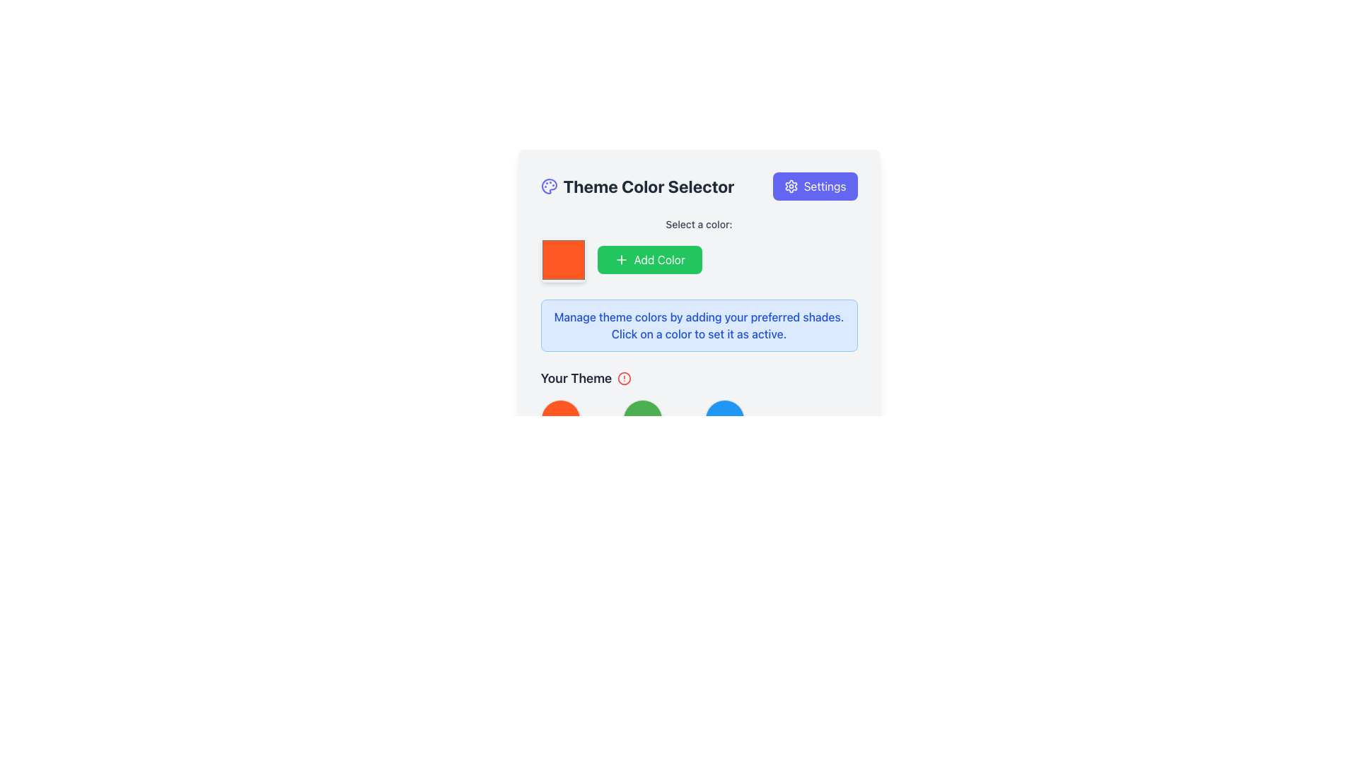 The image size is (1358, 763). Describe the element at coordinates (699, 259) in the screenshot. I see `the green 'Add Color' button located on the right side of the color picker in the 'Select a color:' section` at that location.